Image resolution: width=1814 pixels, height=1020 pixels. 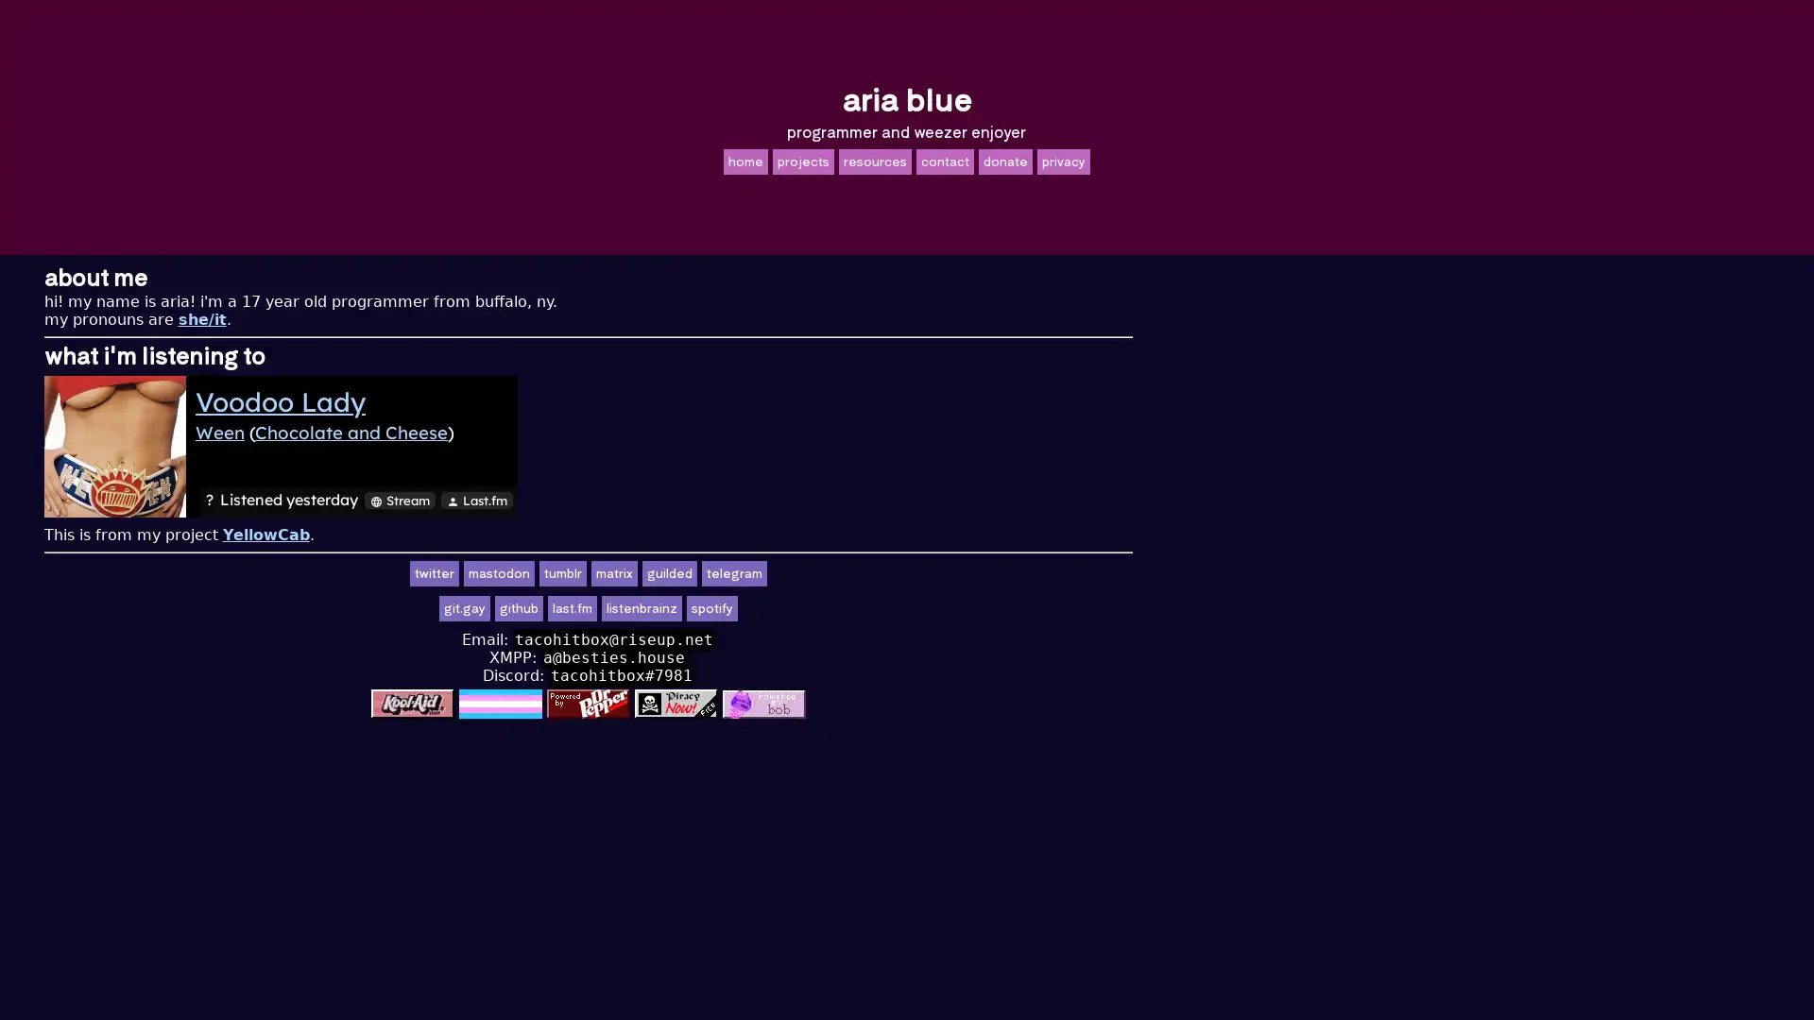 I want to click on listenbrainz, so click(x=960, y=608).